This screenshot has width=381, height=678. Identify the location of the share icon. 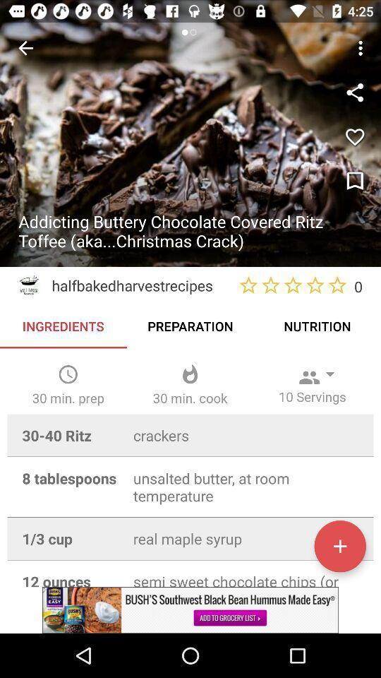
(354, 92).